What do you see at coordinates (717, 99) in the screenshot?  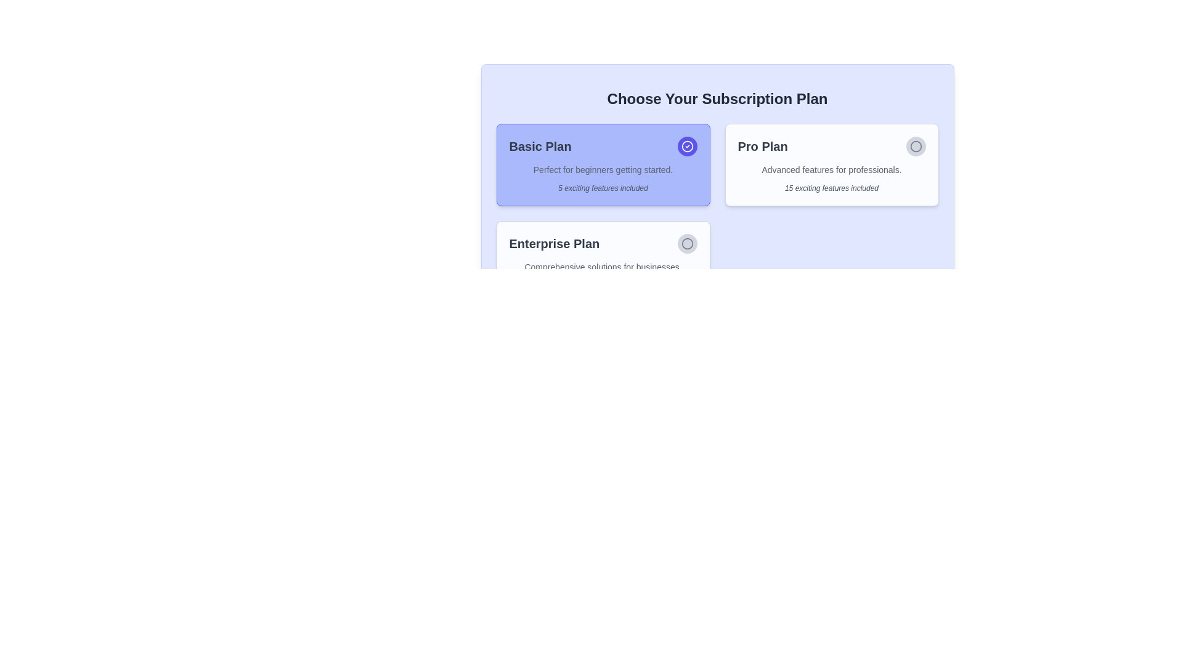 I see `the header element displaying 'Choose Your Subscription Plan', which is prominently positioned at the top-center of the interface` at bounding box center [717, 99].